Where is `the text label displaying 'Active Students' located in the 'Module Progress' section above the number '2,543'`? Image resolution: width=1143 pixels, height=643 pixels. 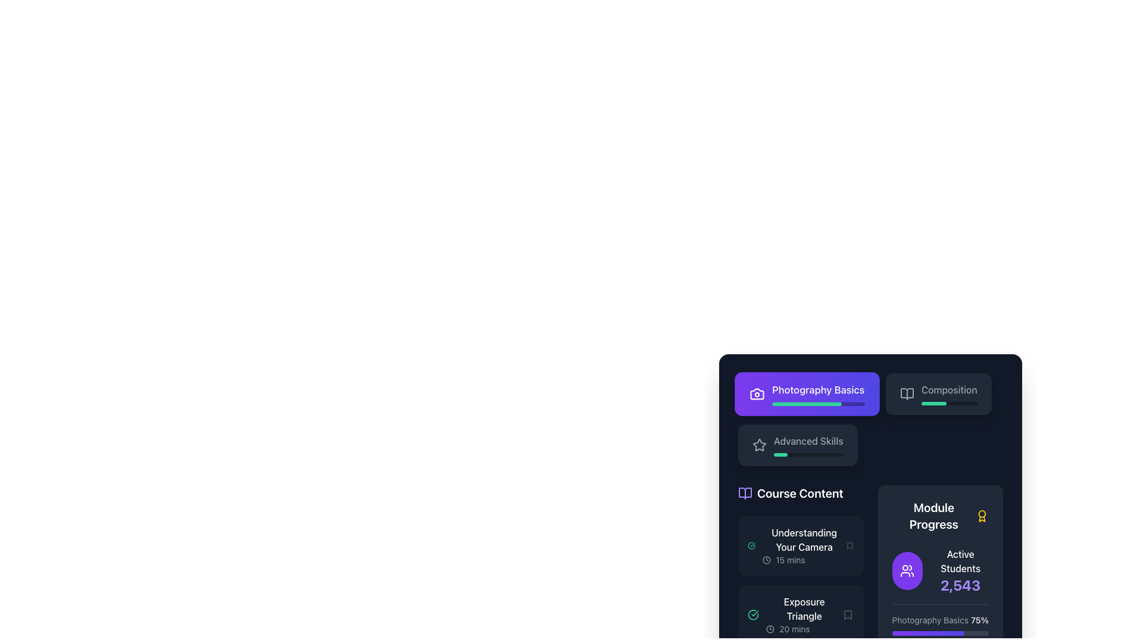 the text label displaying 'Active Students' located in the 'Module Progress' section above the number '2,543' is located at coordinates (960, 561).